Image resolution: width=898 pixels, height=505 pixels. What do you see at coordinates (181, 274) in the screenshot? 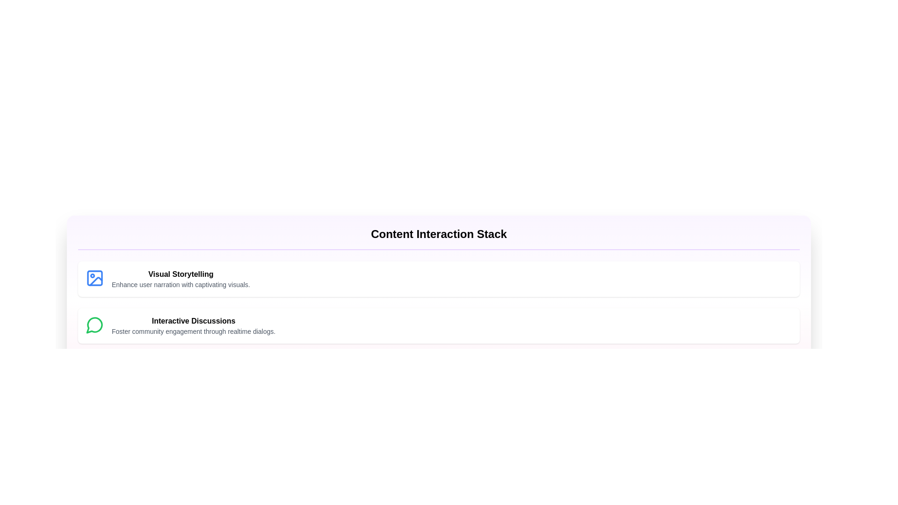
I see `the text label for 'Visual Storytelling', which serves as a heading and captures user attention, positioned directly below the corresponding icon` at bounding box center [181, 274].